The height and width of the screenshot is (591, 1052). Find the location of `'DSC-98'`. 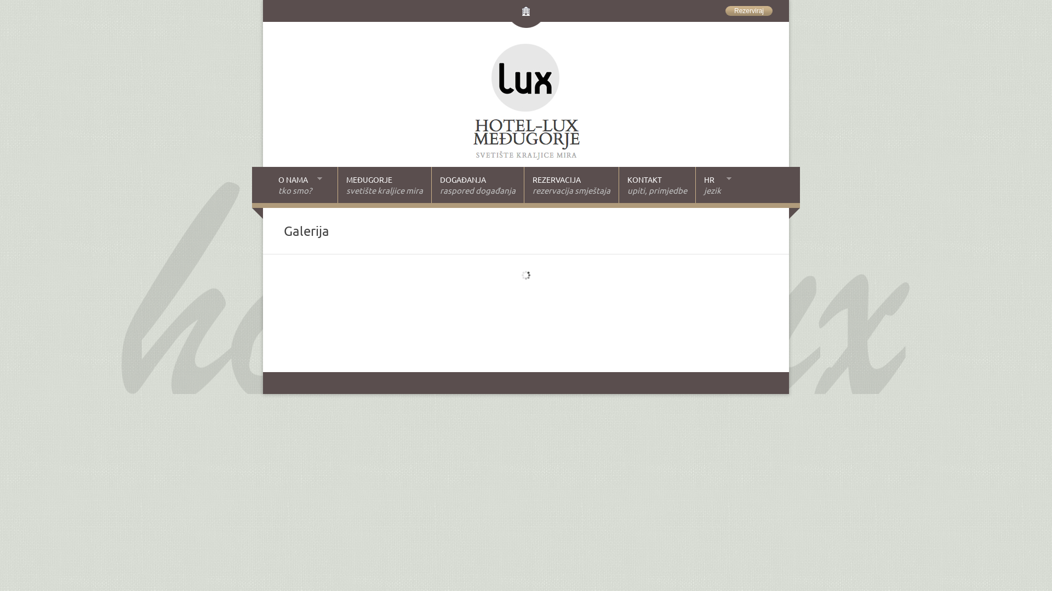

'DSC-98' is located at coordinates (547, 288).